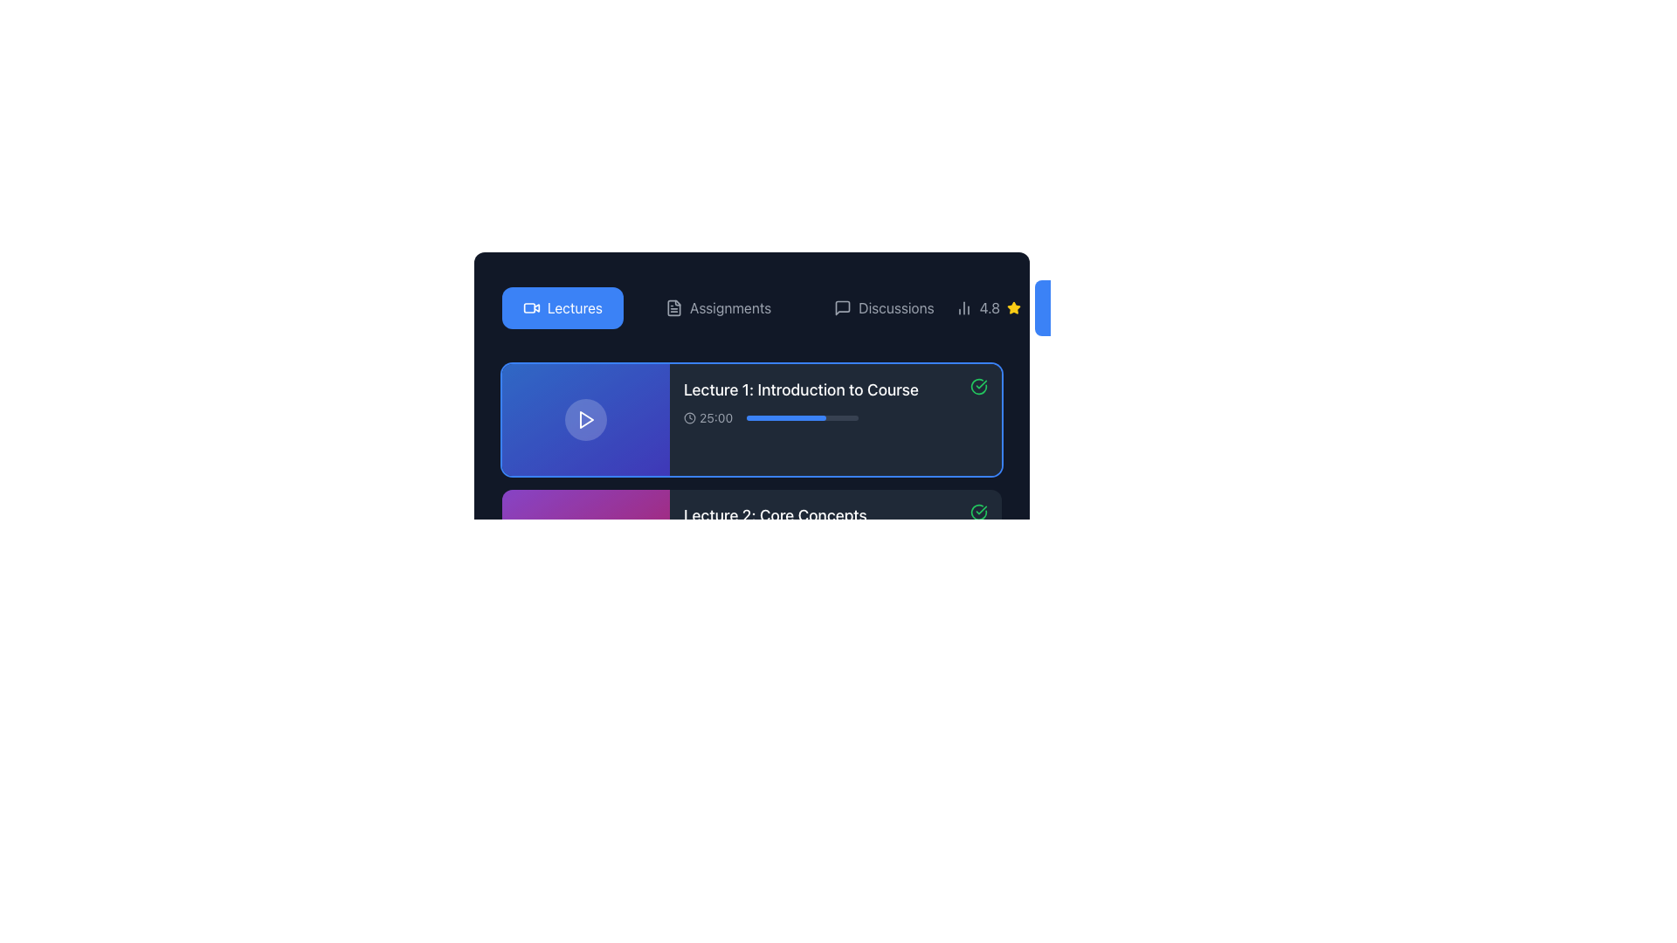  Describe the element at coordinates (775, 417) in the screenshot. I see `the slider` at that location.